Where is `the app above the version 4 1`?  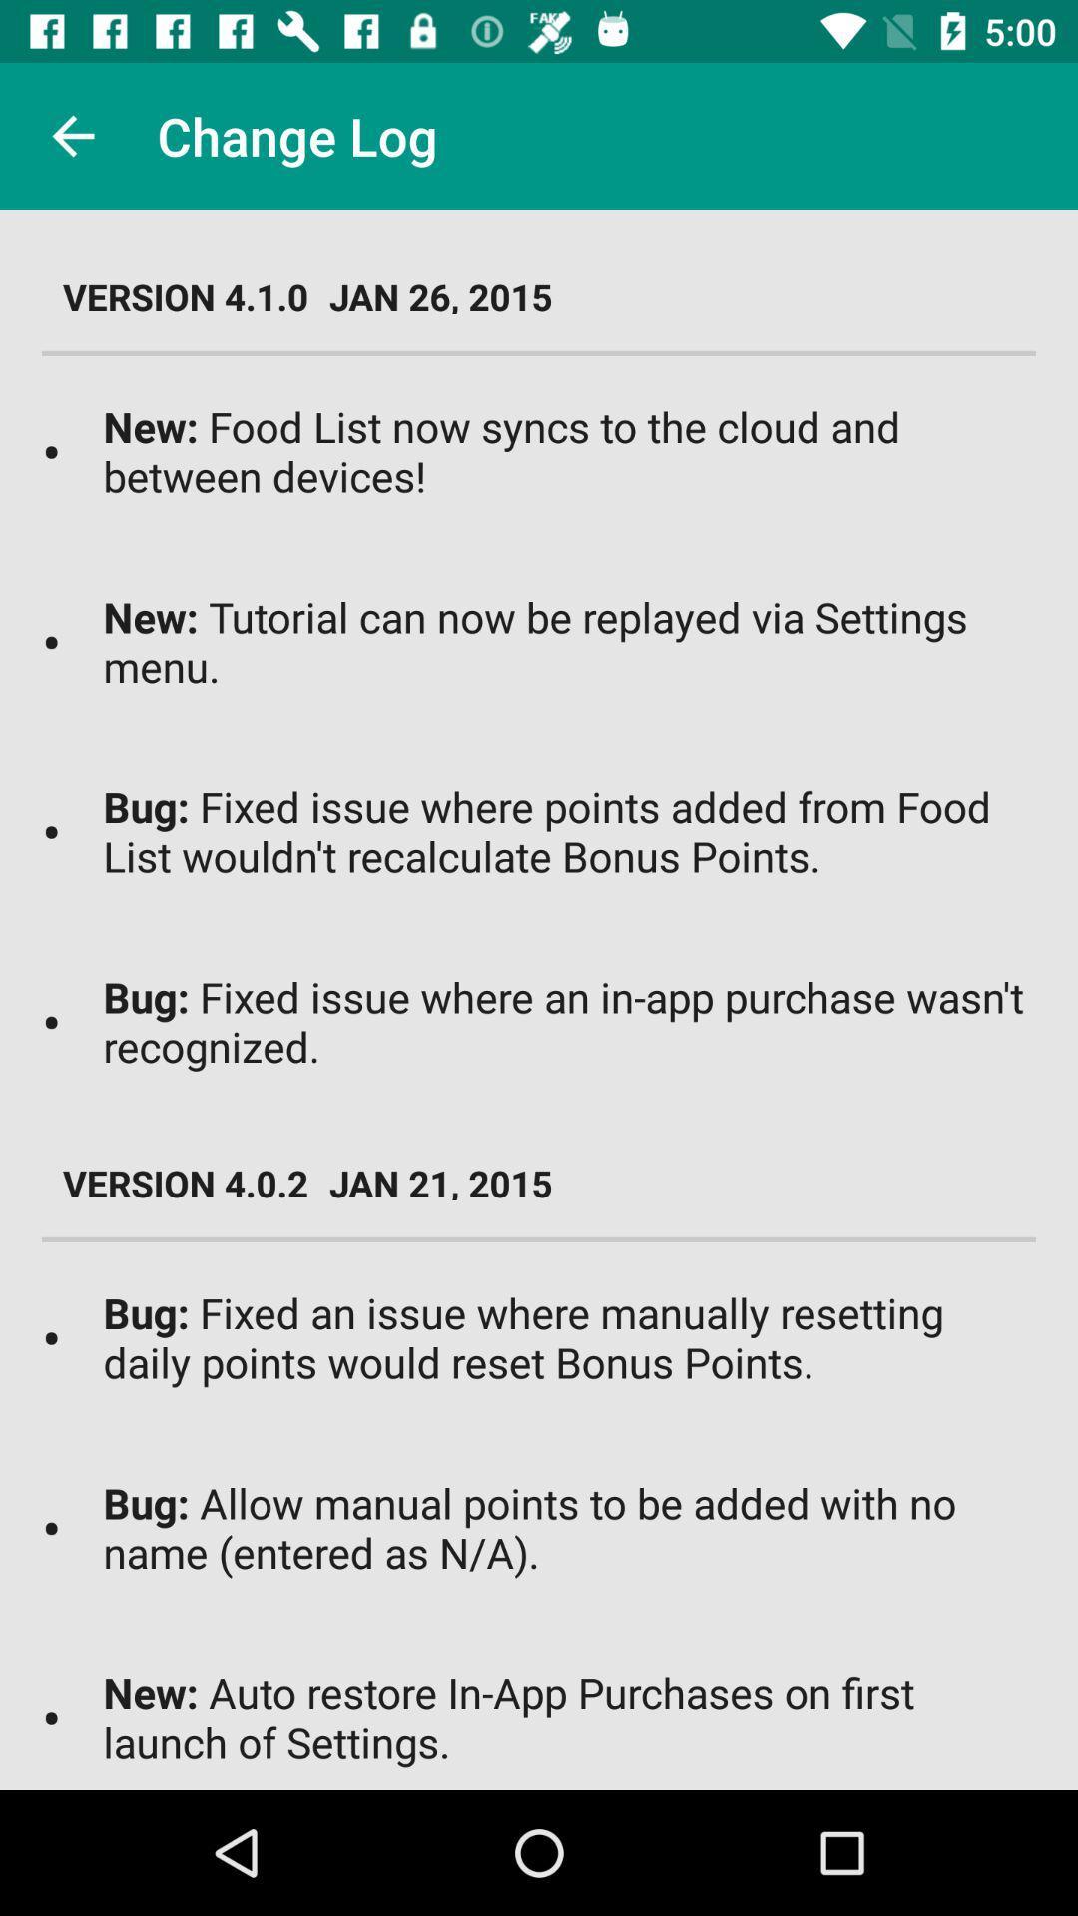
the app above the version 4 1 is located at coordinates (72, 135).